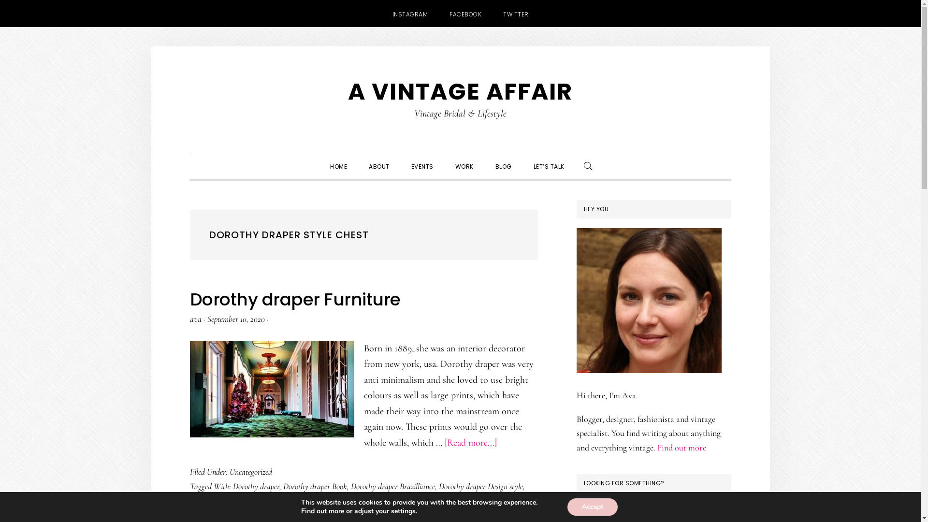  Describe the element at coordinates (410, 13) in the screenshot. I see `'INSTAGRAM'` at that location.